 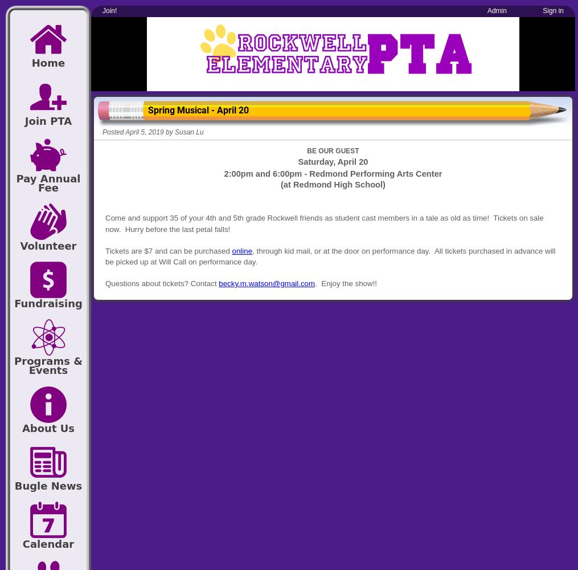 What do you see at coordinates (281, 283) in the screenshot?
I see `'watson@gmail.com'` at bounding box center [281, 283].